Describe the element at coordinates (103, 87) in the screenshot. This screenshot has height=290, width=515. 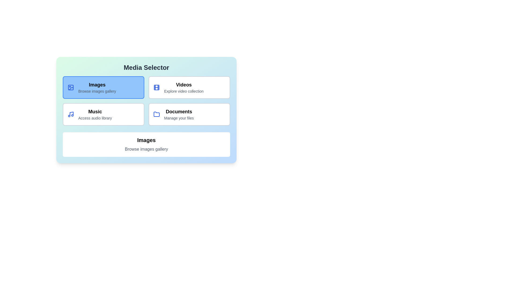
I see `the media type Images to view its description` at that location.